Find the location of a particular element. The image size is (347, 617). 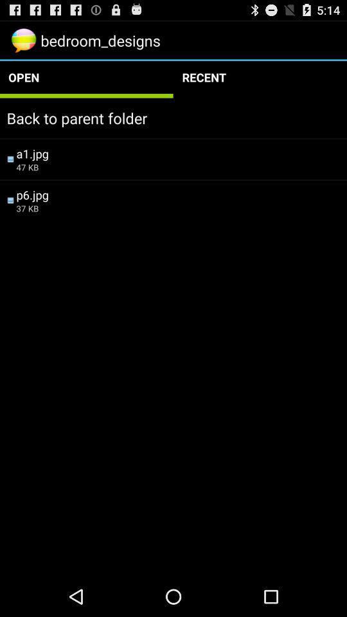

back to parent app is located at coordinates (173, 118).